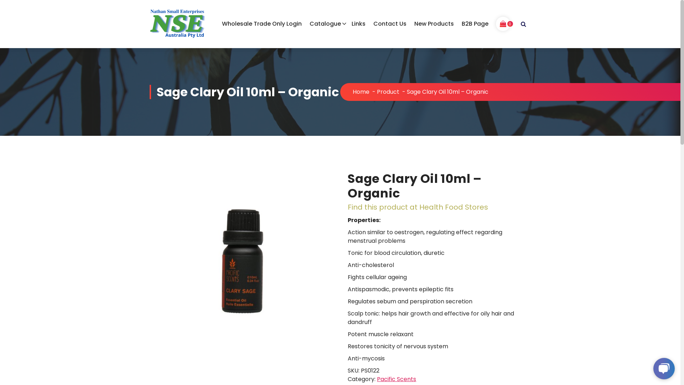  Describe the element at coordinates (475, 23) in the screenshot. I see `'B2B Page'` at that location.